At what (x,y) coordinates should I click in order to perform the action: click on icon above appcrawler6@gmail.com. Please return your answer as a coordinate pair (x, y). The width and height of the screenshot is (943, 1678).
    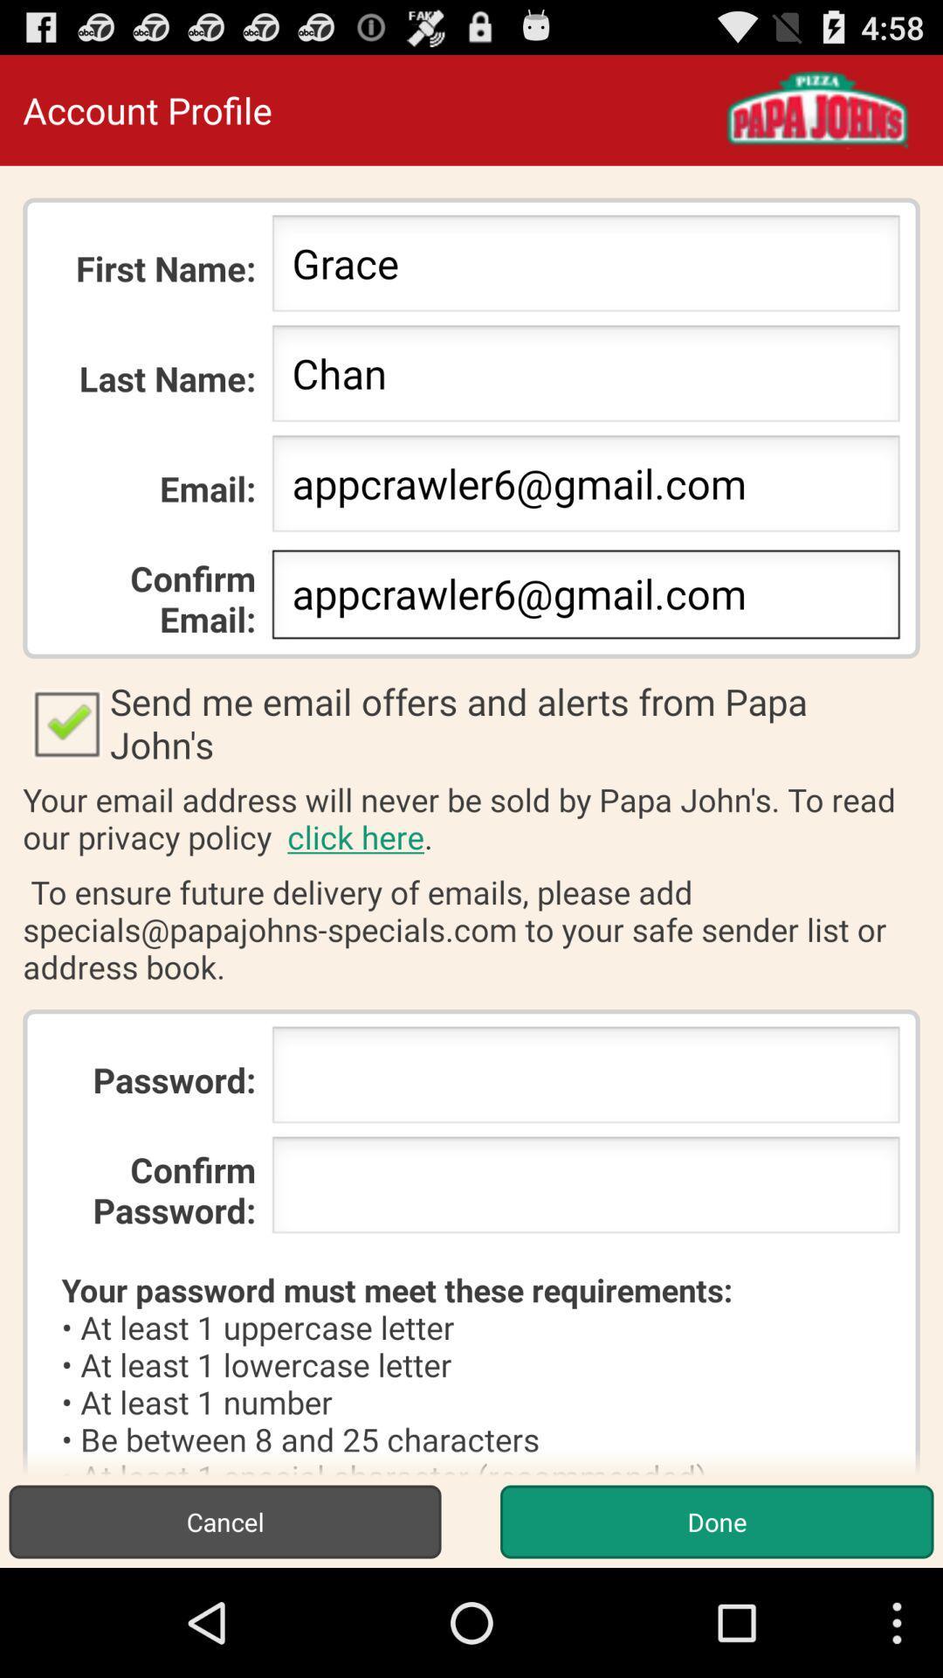
    Looking at the image, I should click on (586, 378).